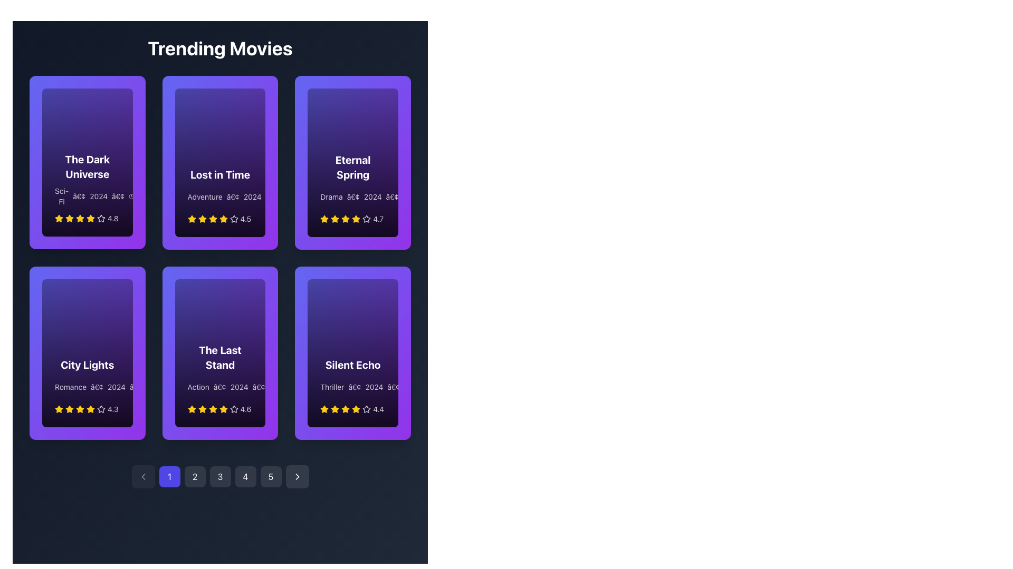 This screenshot has width=1013, height=569. Describe the element at coordinates (69, 218) in the screenshot. I see `the third yellow star-shaped icon in the row of rating stars beneath the text 'The Dark Universe' in the first card` at that location.